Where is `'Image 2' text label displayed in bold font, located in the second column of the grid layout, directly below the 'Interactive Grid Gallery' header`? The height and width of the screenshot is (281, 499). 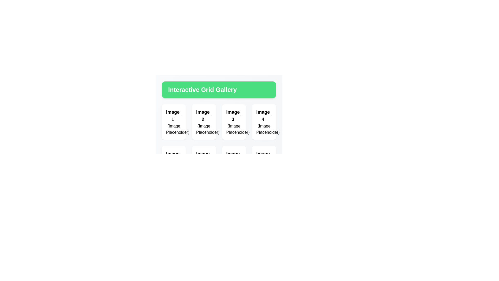 'Image 2' text label displayed in bold font, located in the second column of the grid layout, directly below the 'Interactive Grid Gallery' header is located at coordinates (202, 115).